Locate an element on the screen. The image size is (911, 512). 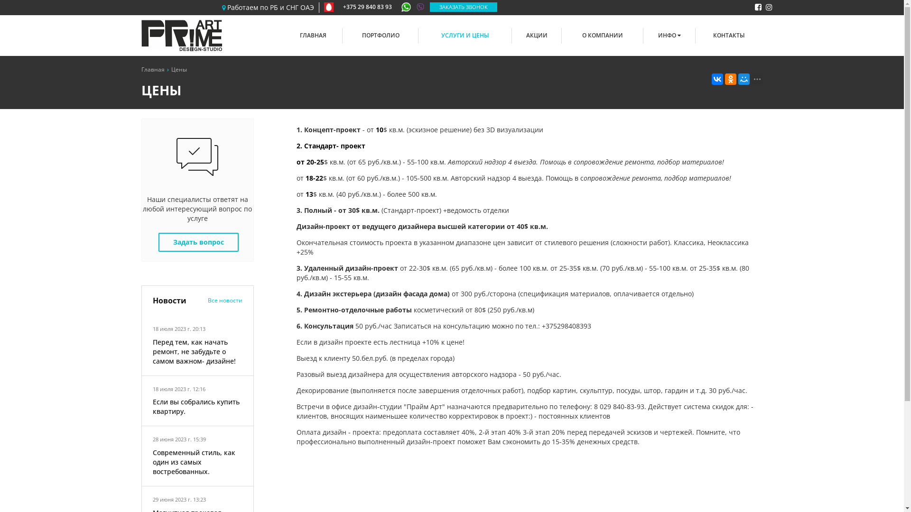
'+375 29 840 83 93' is located at coordinates (373, 7).